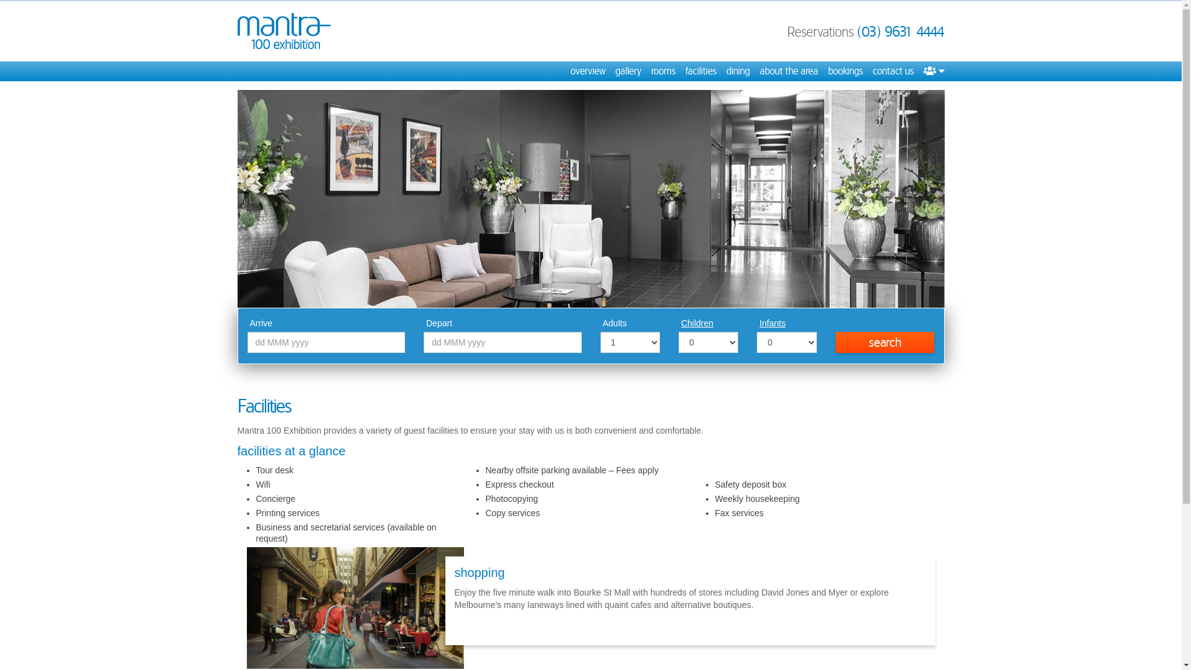 The image size is (1191, 670). What do you see at coordinates (615, 71) in the screenshot?
I see `'gallery'` at bounding box center [615, 71].